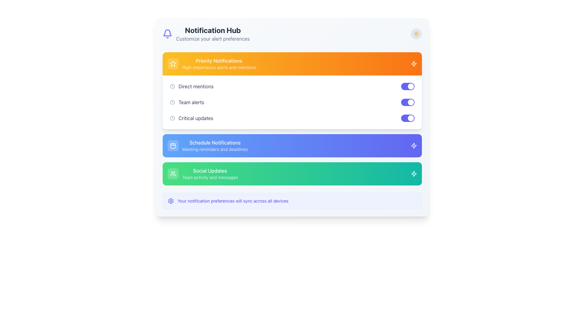 The height and width of the screenshot is (330, 587). I want to click on the SVG icon depicting a lightning bolt design located in the 'Social Updates' section, so click(414, 174).